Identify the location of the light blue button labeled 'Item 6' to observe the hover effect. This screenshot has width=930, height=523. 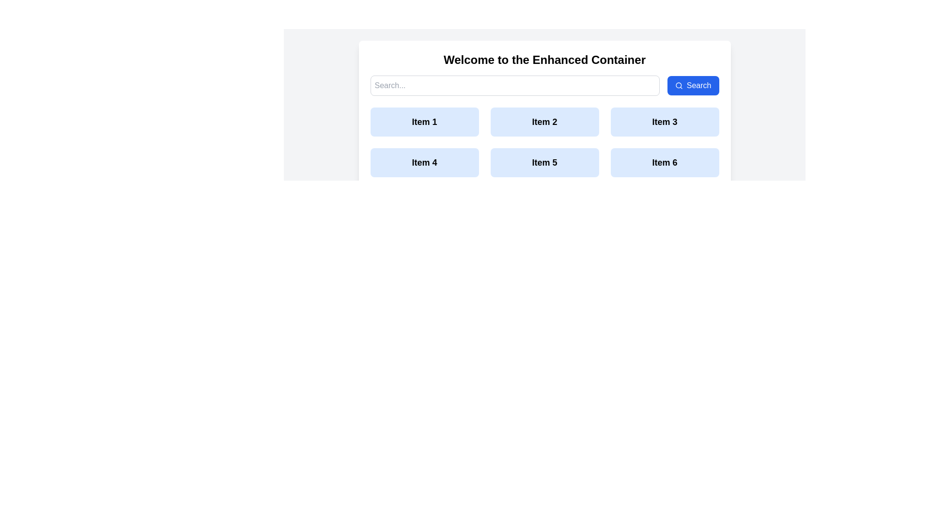
(664, 162).